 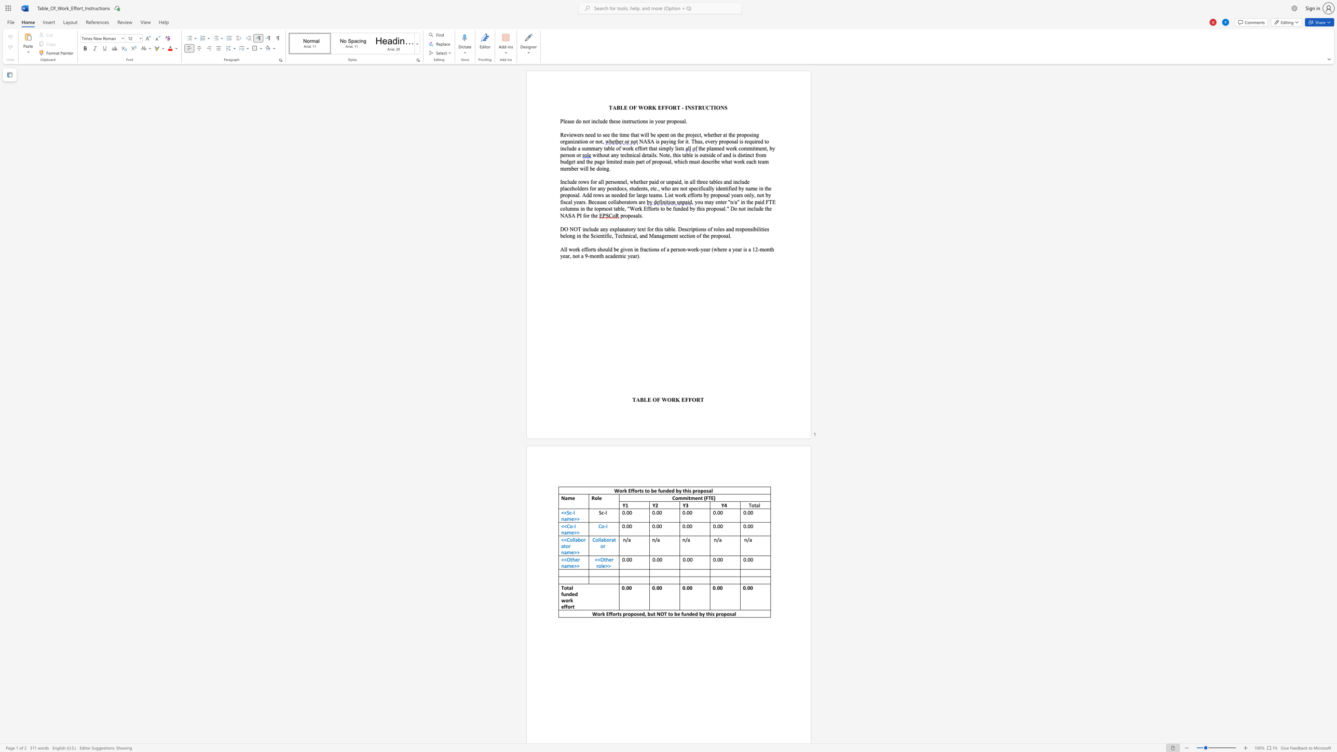 What do you see at coordinates (744, 147) in the screenshot?
I see `the space between the continuous character "o" and "m" in the text` at bounding box center [744, 147].